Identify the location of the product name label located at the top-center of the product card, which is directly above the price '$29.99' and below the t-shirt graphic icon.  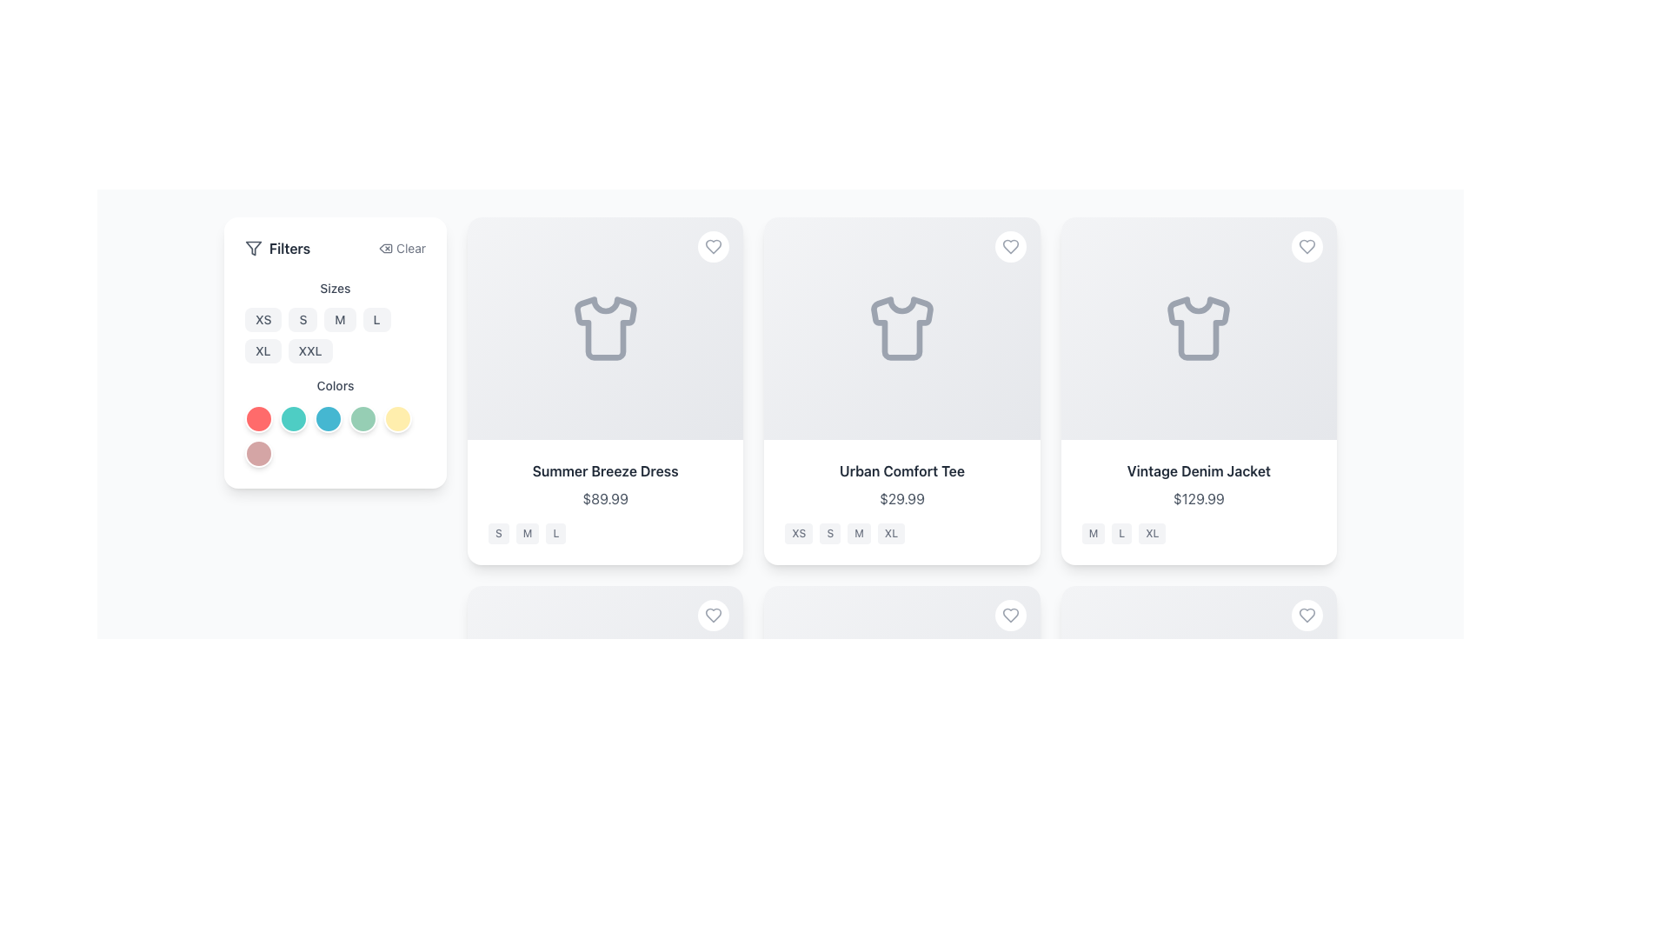
(901, 471).